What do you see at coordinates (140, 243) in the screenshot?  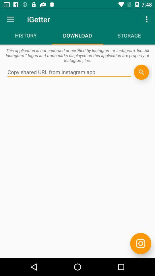 I see `post to instagram` at bounding box center [140, 243].